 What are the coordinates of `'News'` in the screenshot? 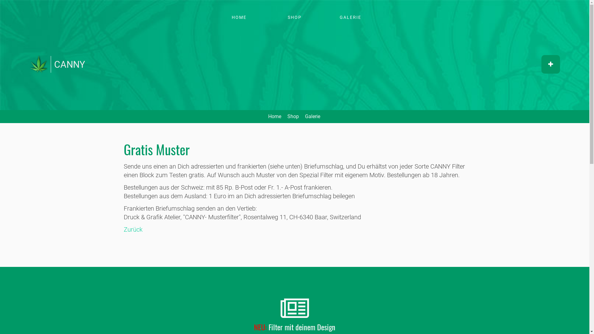 It's located at (294, 309).